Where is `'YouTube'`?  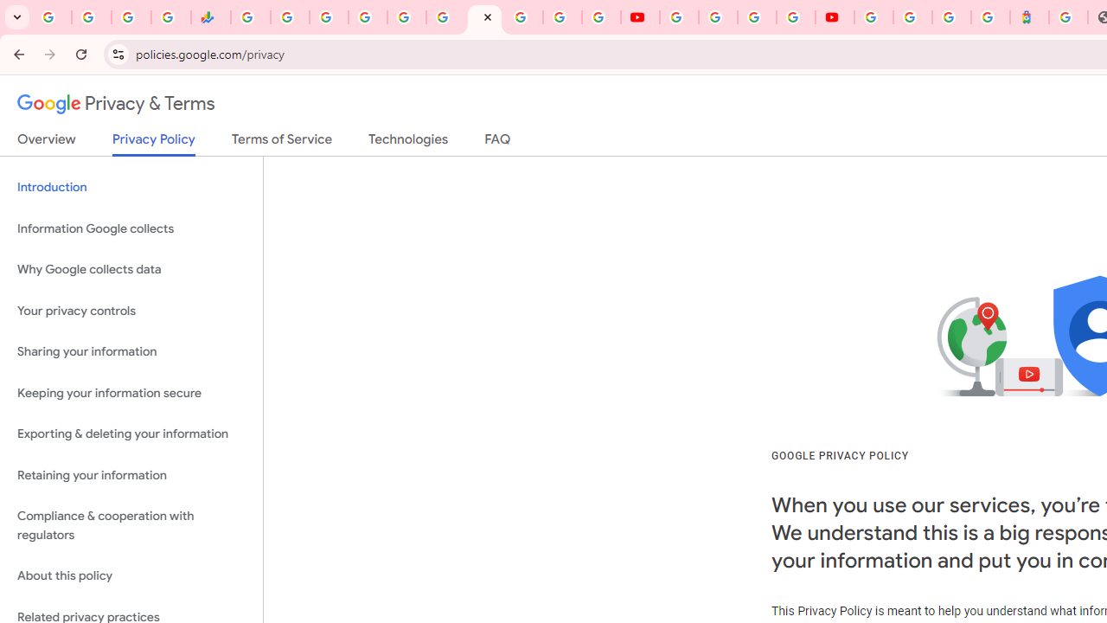
'YouTube' is located at coordinates (639, 17).